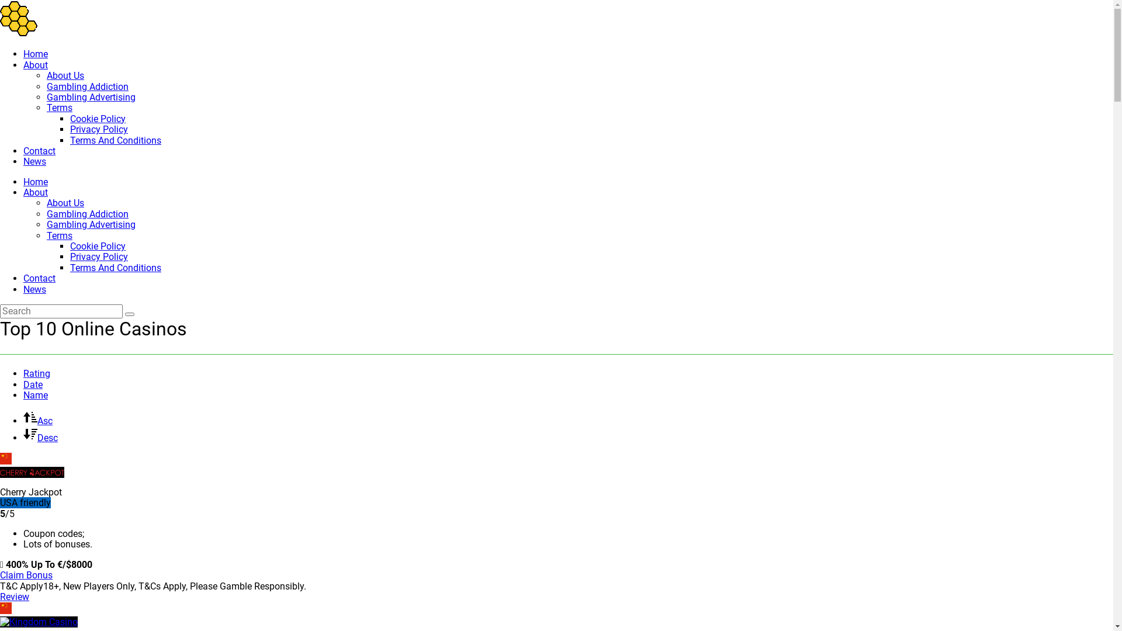 Image resolution: width=1122 pixels, height=631 pixels. I want to click on 'Terms And Conditions', so click(115, 140).